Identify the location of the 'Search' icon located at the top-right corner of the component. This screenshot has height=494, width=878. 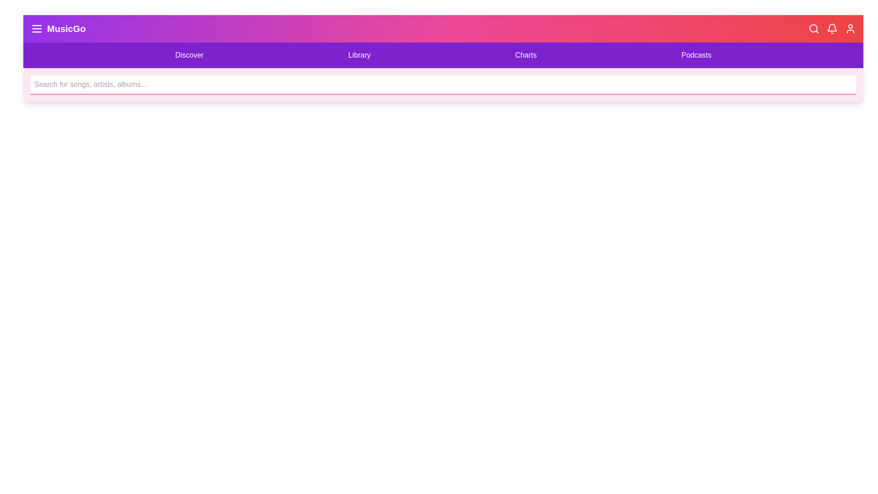
(814, 28).